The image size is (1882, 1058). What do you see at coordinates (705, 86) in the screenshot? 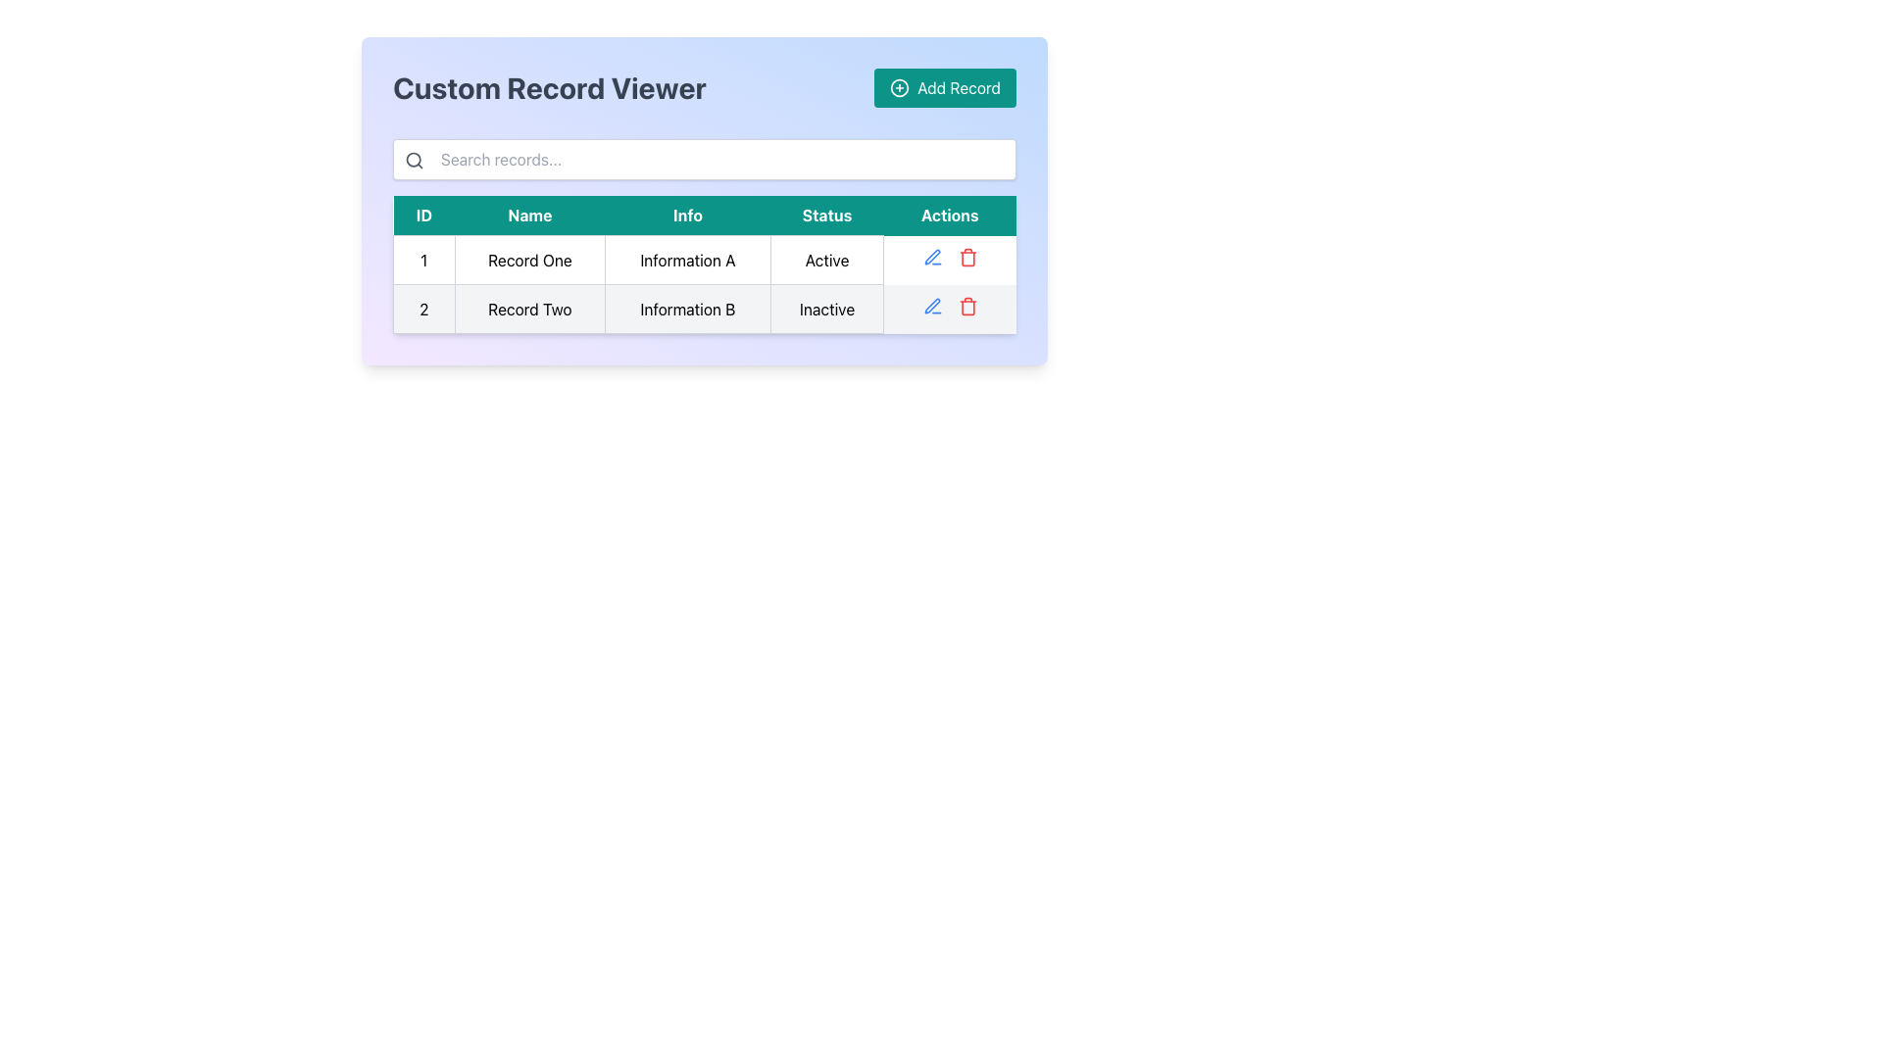
I see `the title 'Custom Record Viewer' in the Header with Action Button` at bounding box center [705, 86].